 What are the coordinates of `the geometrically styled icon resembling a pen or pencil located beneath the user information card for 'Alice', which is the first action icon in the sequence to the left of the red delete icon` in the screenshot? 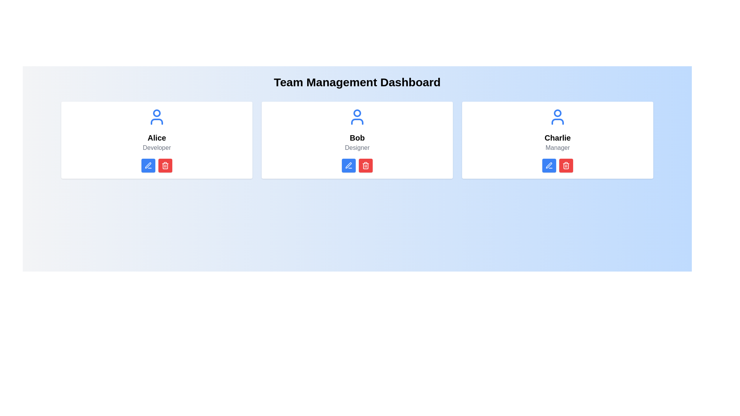 It's located at (148, 165).